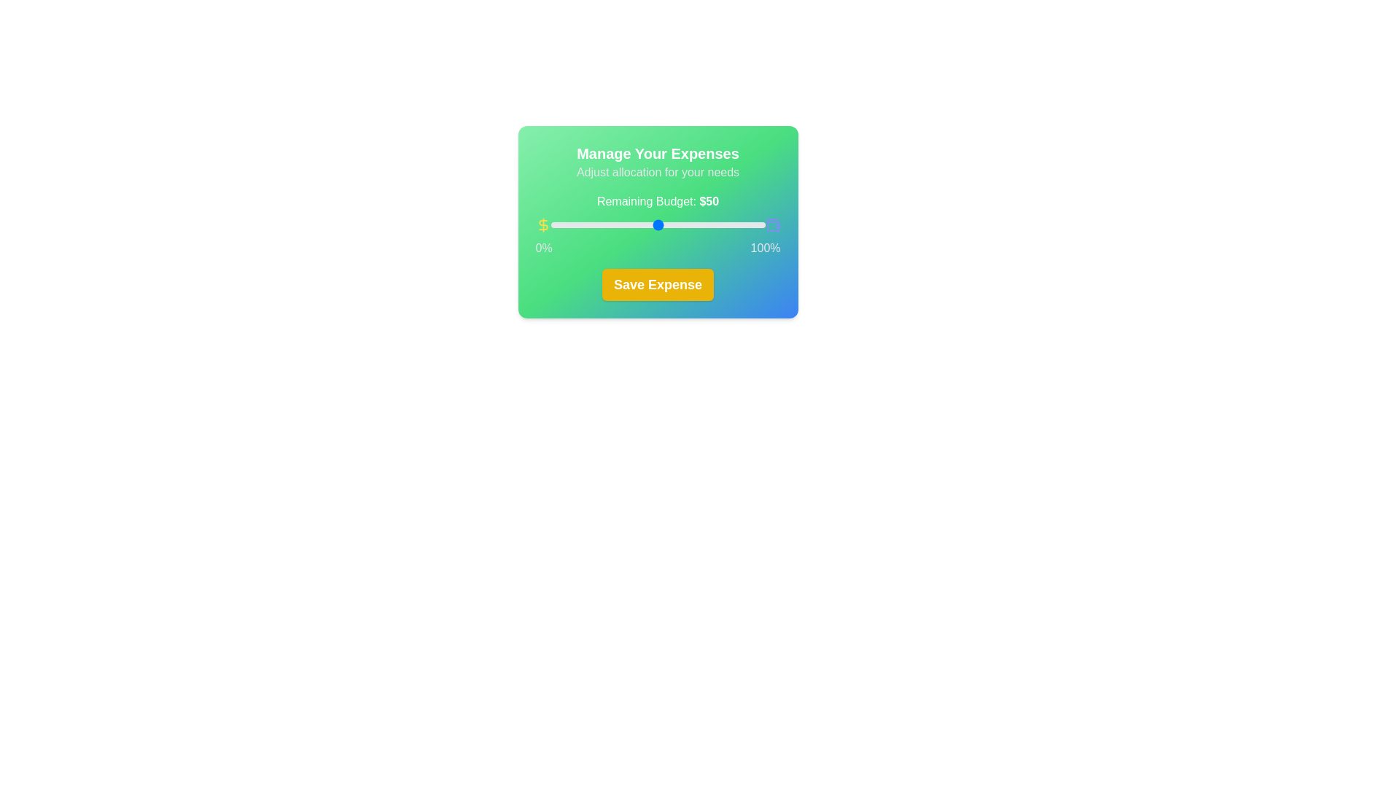  What do you see at coordinates (670, 224) in the screenshot?
I see `the slider to set the budget allocation to 56%` at bounding box center [670, 224].